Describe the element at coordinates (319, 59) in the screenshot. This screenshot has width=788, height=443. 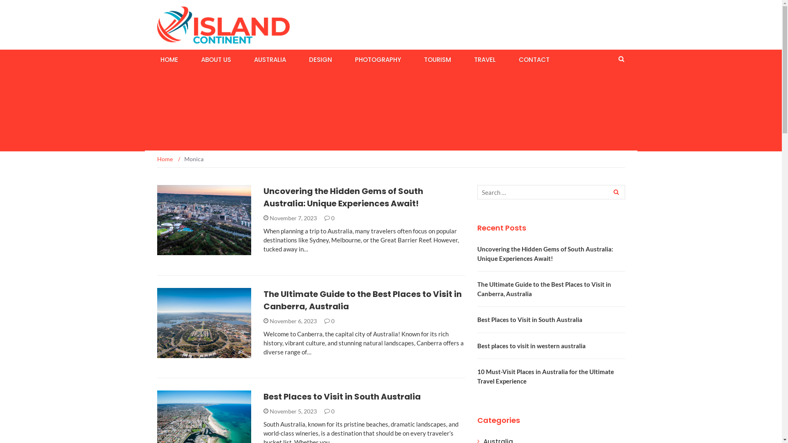
I see `'DESIGN'` at that location.